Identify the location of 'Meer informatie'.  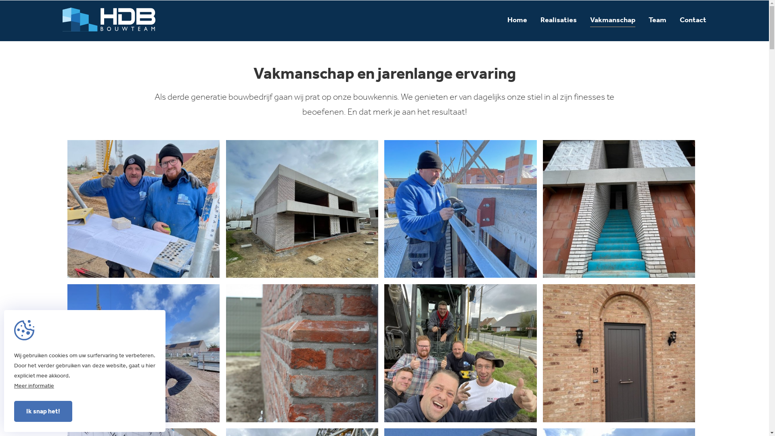
(34, 385).